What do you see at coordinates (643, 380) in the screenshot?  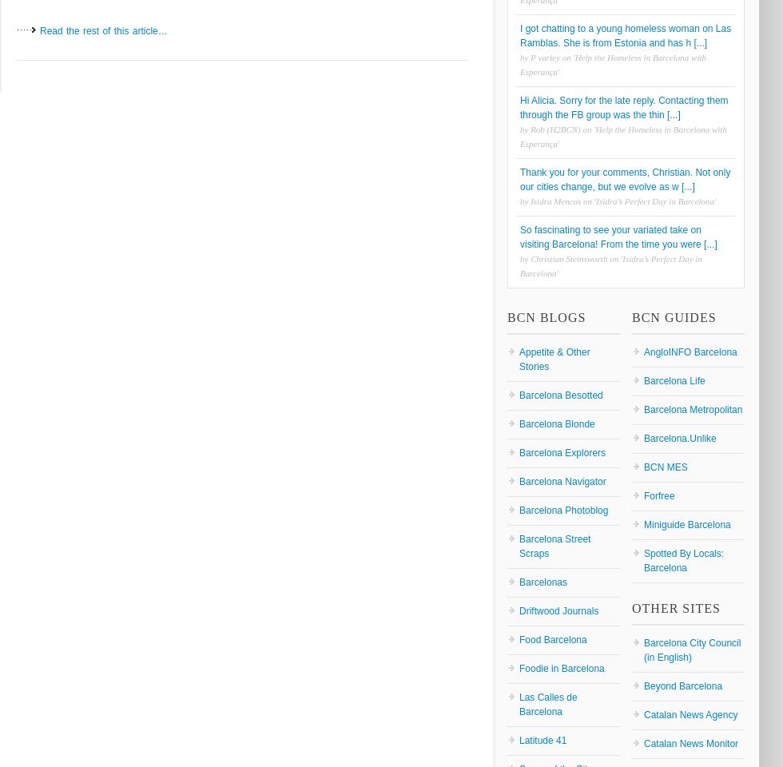 I see `'Barcelona Life'` at bounding box center [643, 380].